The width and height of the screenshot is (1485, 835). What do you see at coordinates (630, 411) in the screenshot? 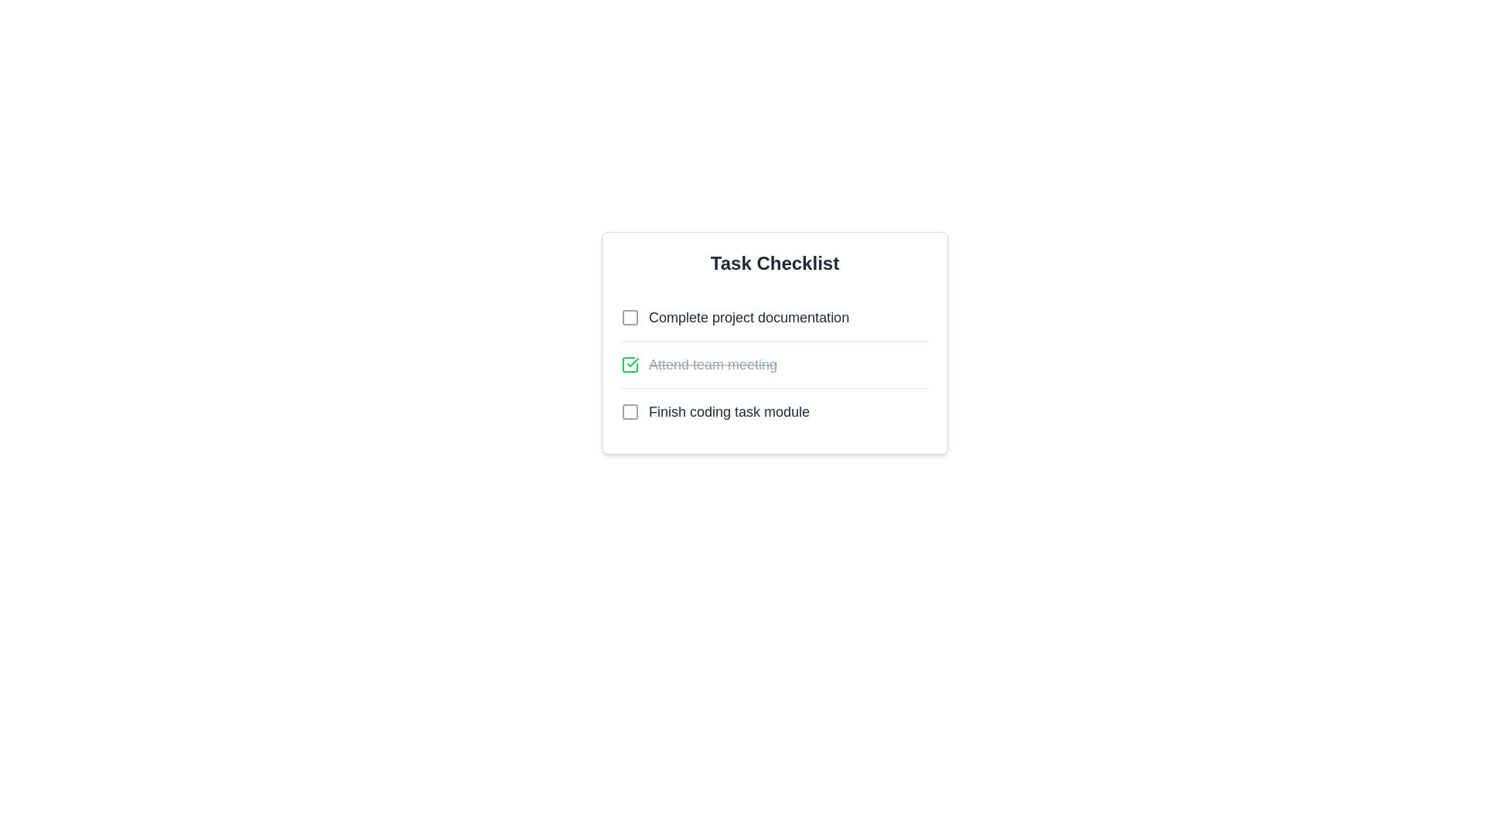
I see `the checkbox indicator for the task 'Finish coding task module'` at bounding box center [630, 411].